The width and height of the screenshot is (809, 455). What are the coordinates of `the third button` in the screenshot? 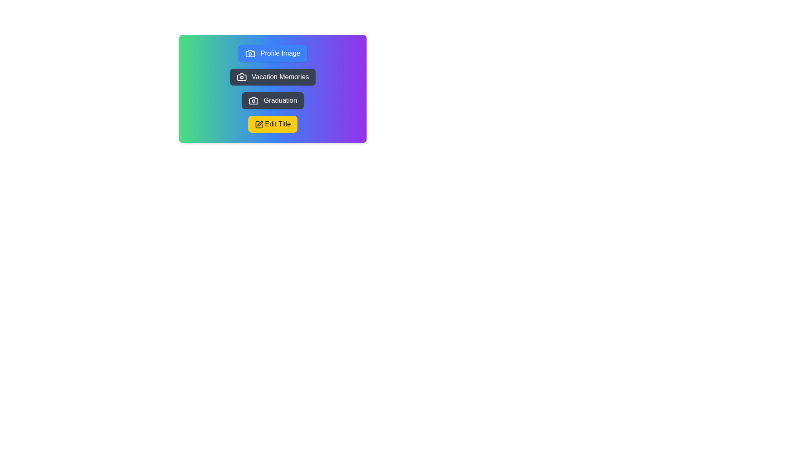 It's located at (273, 100).